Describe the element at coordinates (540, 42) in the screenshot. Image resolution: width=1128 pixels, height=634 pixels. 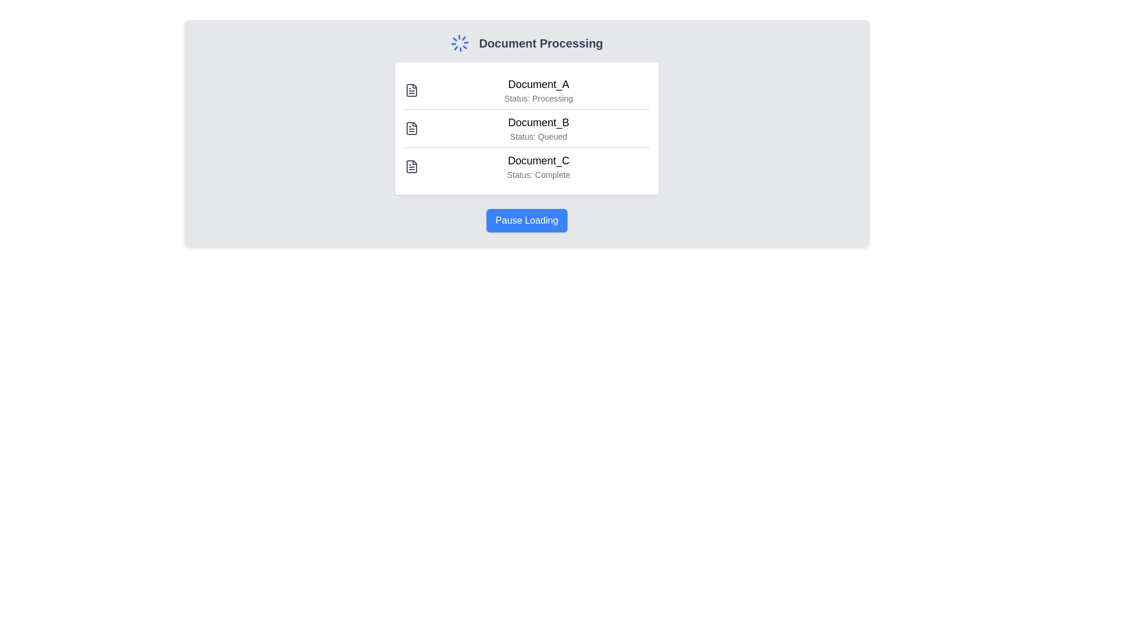
I see `the static text element titled 'Document Processing', which is bold, large, and gray in color, located next to an animated spinning icon` at that location.